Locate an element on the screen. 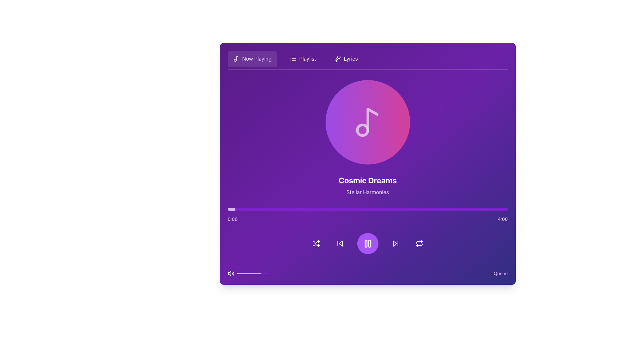  the forward navigation button, which is represented by a double triangle pointing to the right on a purple background, to skip tracks is located at coordinates (395, 244).